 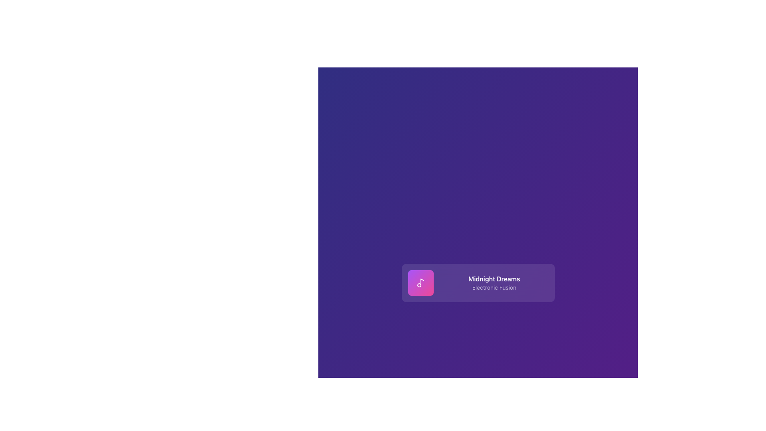 What do you see at coordinates (494, 278) in the screenshot?
I see `the text label displaying 'Midnight Dreams' in white, bold font against a darker purple background, which is centrally located in the highlighted section of the interface` at bounding box center [494, 278].